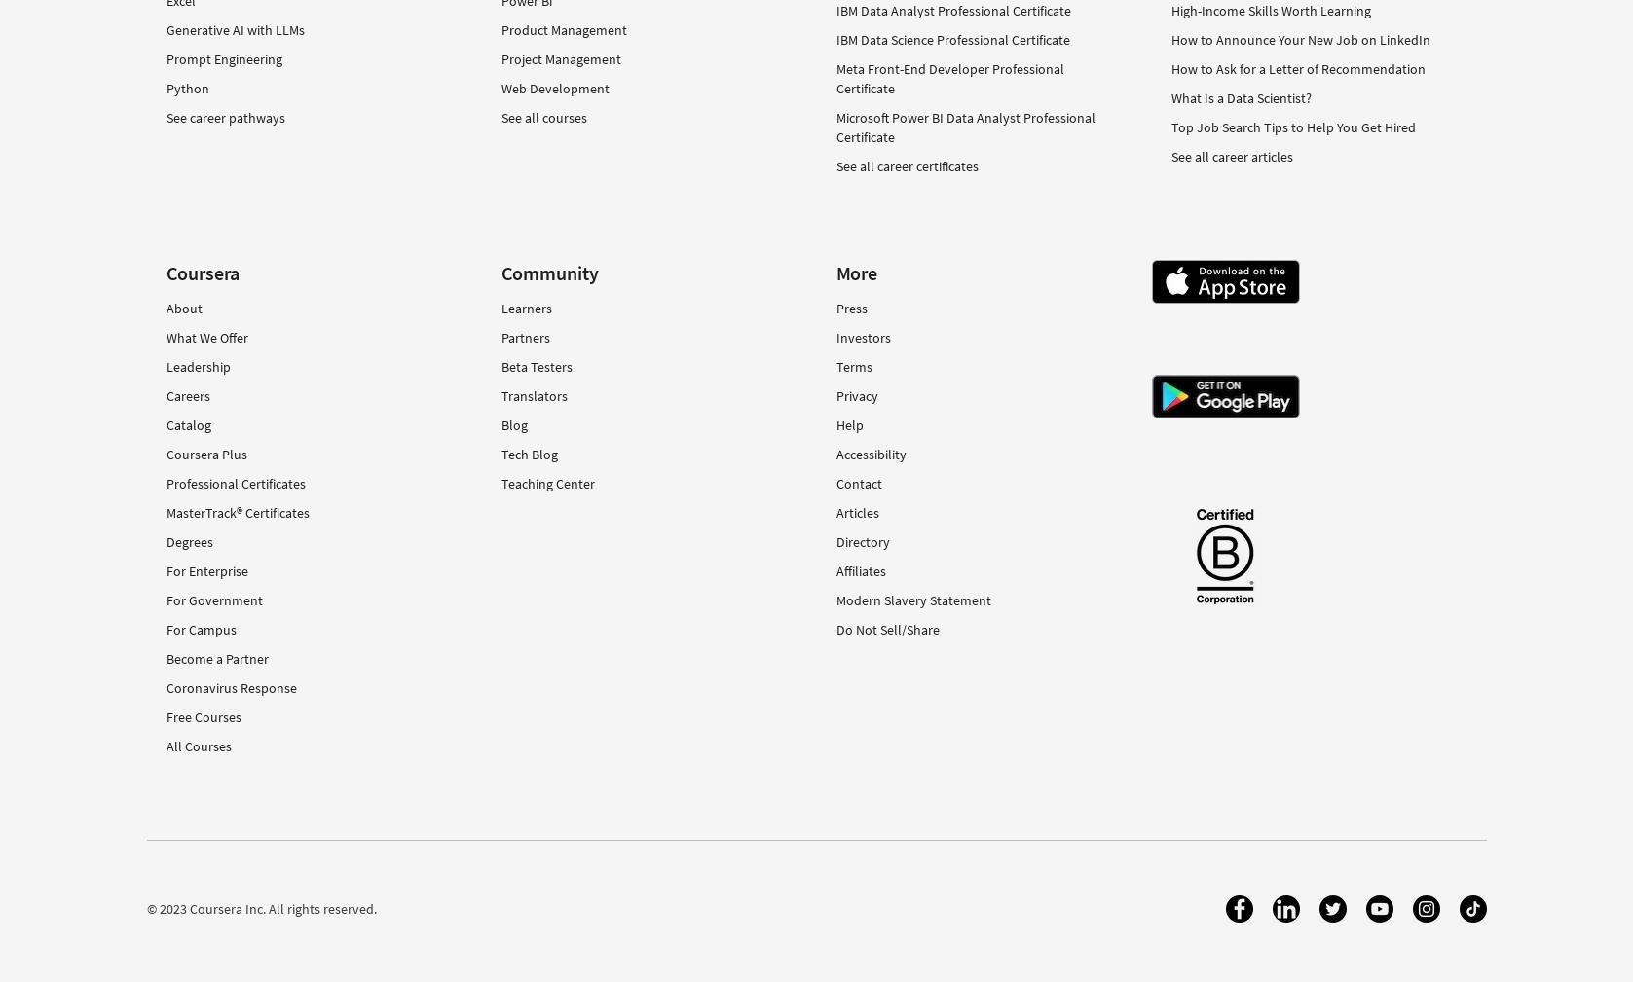 The height and width of the screenshot is (982, 1633). What do you see at coordinates (951, 37) in the screenshot?
I see `'IBM Data Science Professional Certificate'` at bounding box center [951, 37].